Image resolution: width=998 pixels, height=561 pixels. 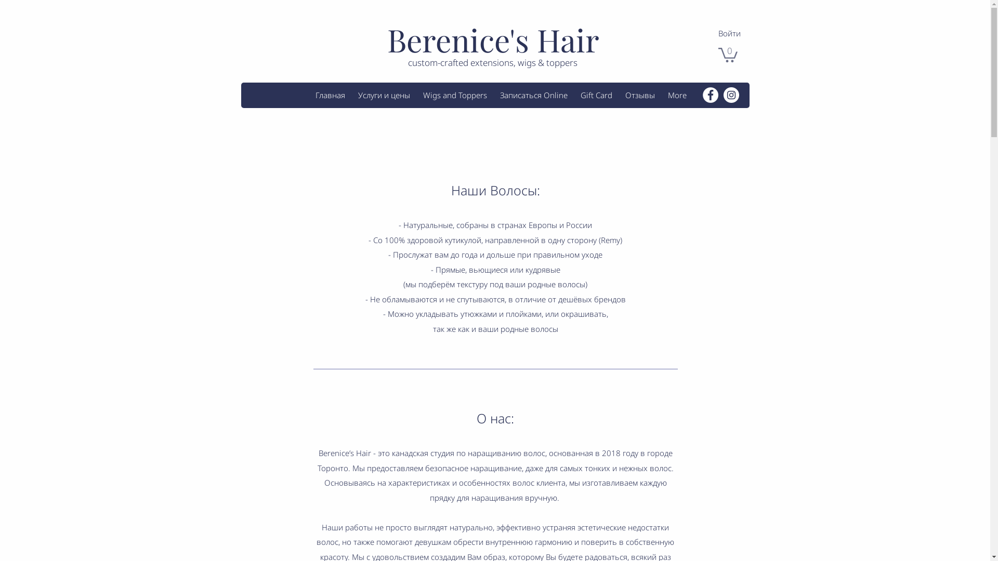 I want to click on 'Gift Card', so click(x=596, y=95).